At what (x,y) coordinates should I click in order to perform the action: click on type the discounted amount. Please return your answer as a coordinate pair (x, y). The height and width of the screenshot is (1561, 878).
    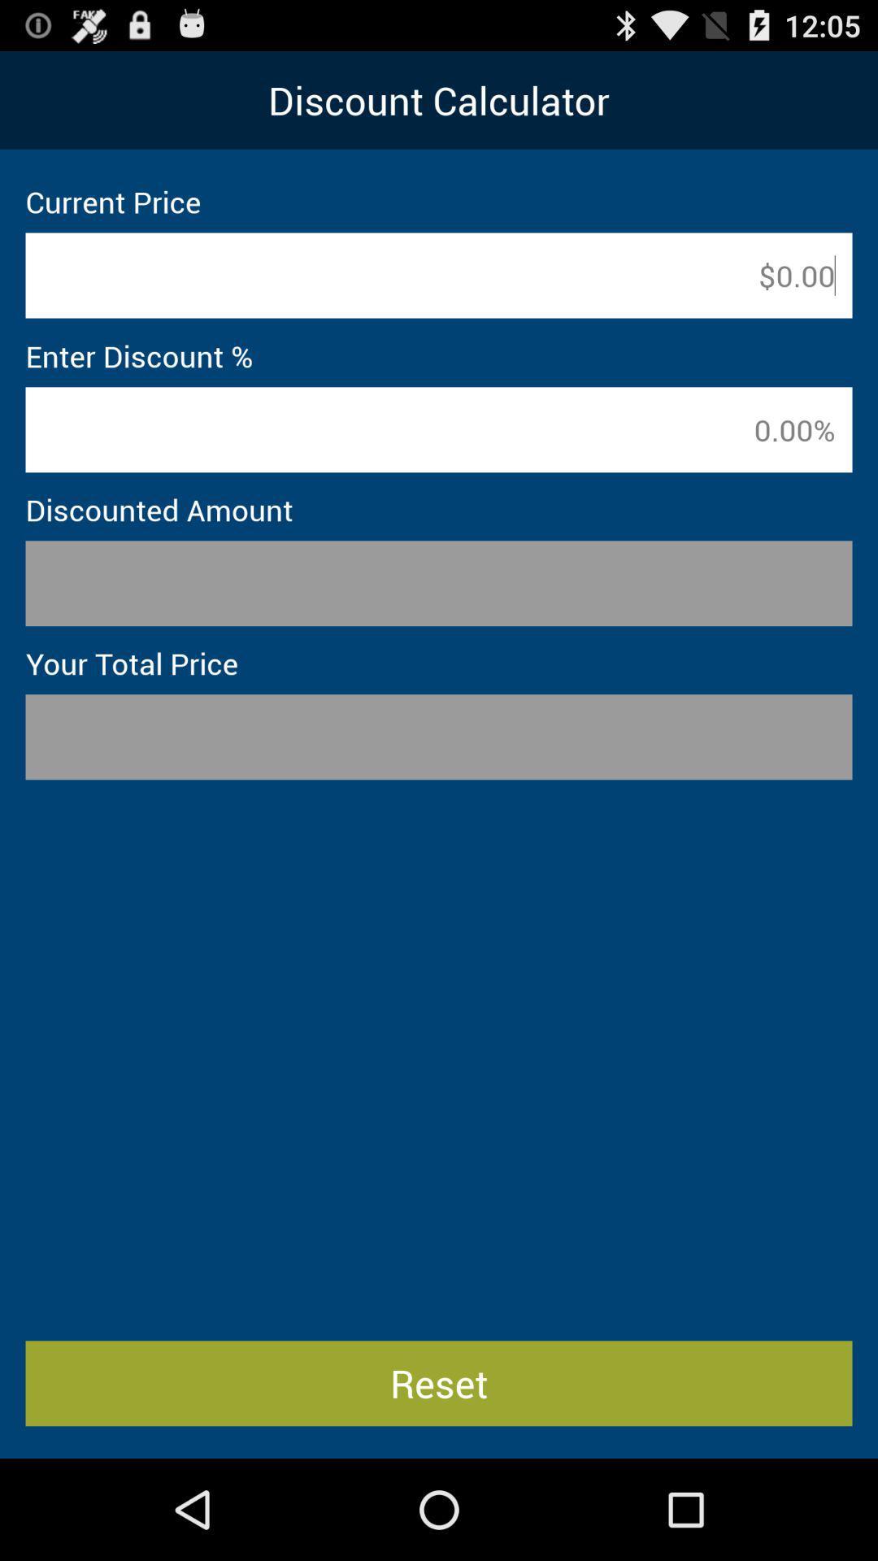
    Looking at the image, I should click on (439, 583).